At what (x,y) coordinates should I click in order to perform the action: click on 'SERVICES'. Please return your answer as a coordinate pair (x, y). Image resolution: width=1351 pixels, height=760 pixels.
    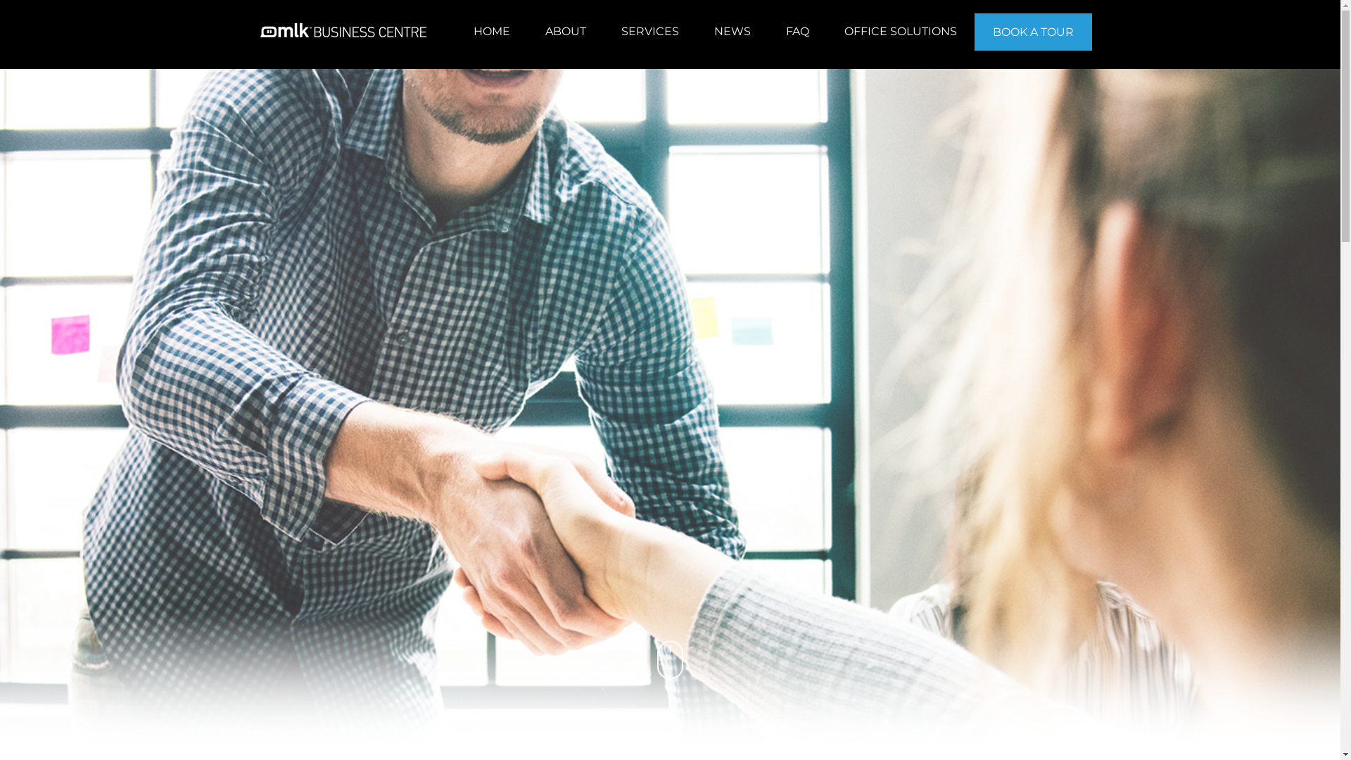
    Looking at the image, I should click on (649, 31).